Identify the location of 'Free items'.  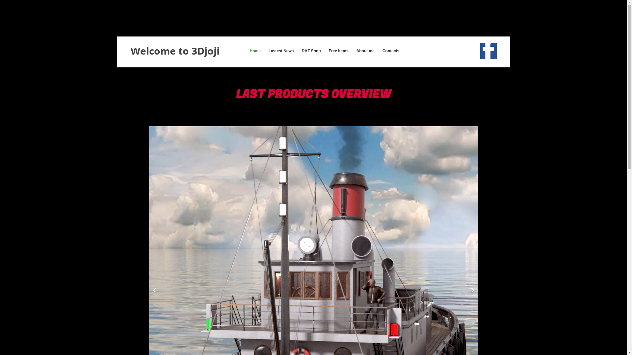
(338, 50).